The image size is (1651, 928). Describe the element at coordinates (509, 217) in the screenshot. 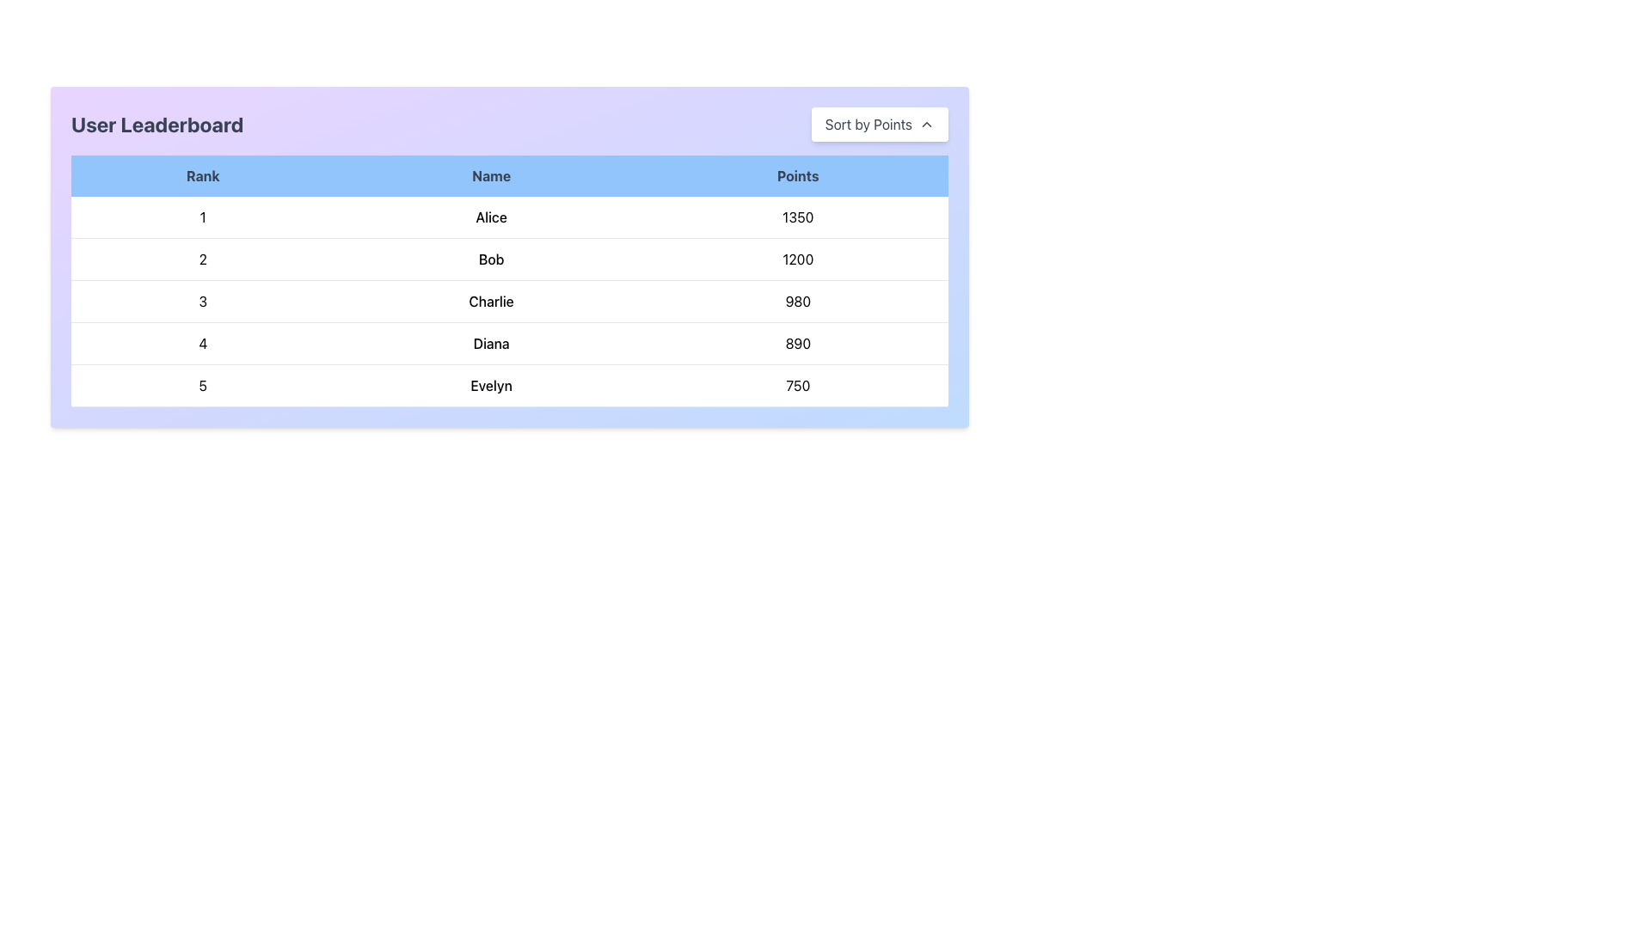

I see `the first table row displaying user information in the leaderboard` at that location.